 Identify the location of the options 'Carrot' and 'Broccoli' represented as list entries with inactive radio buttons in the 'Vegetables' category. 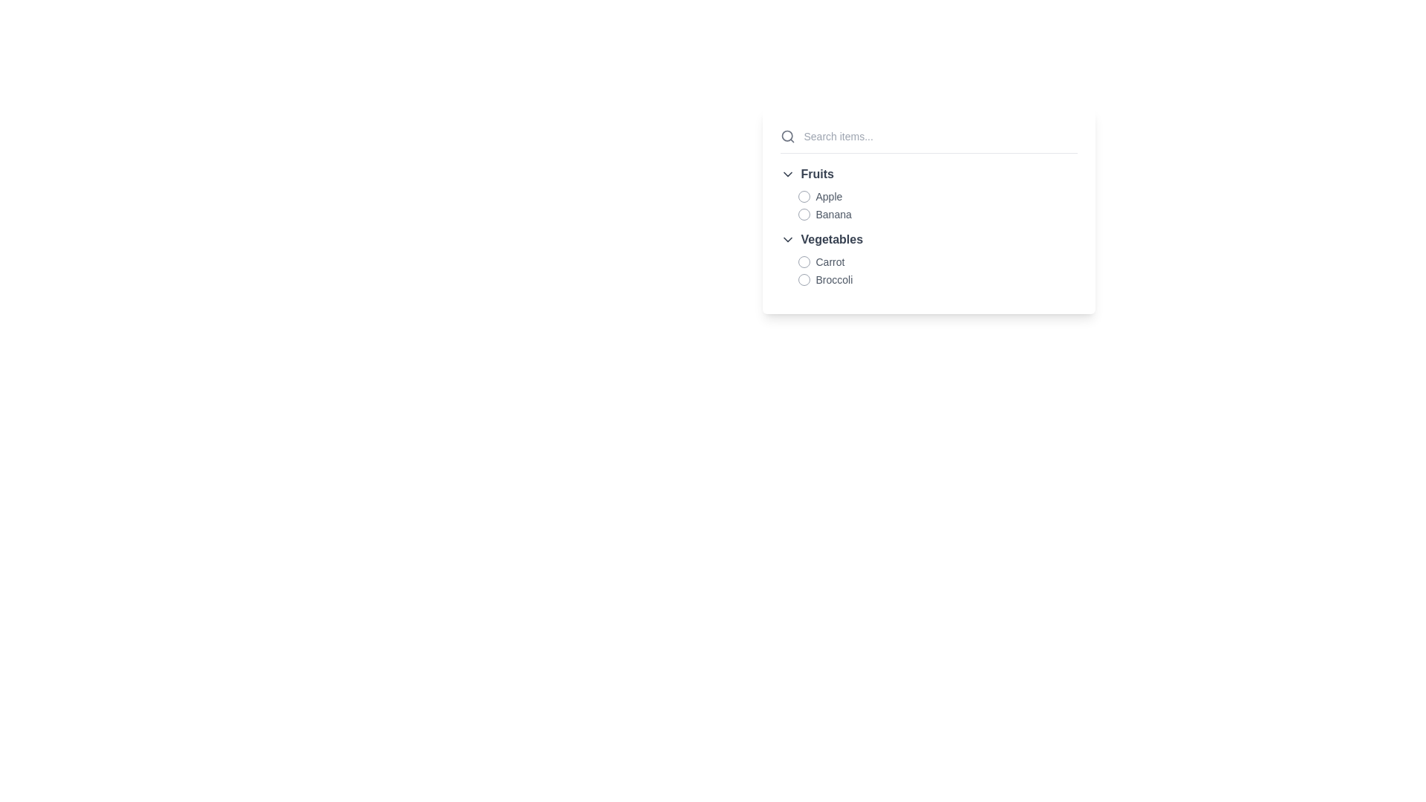
(928, 271).